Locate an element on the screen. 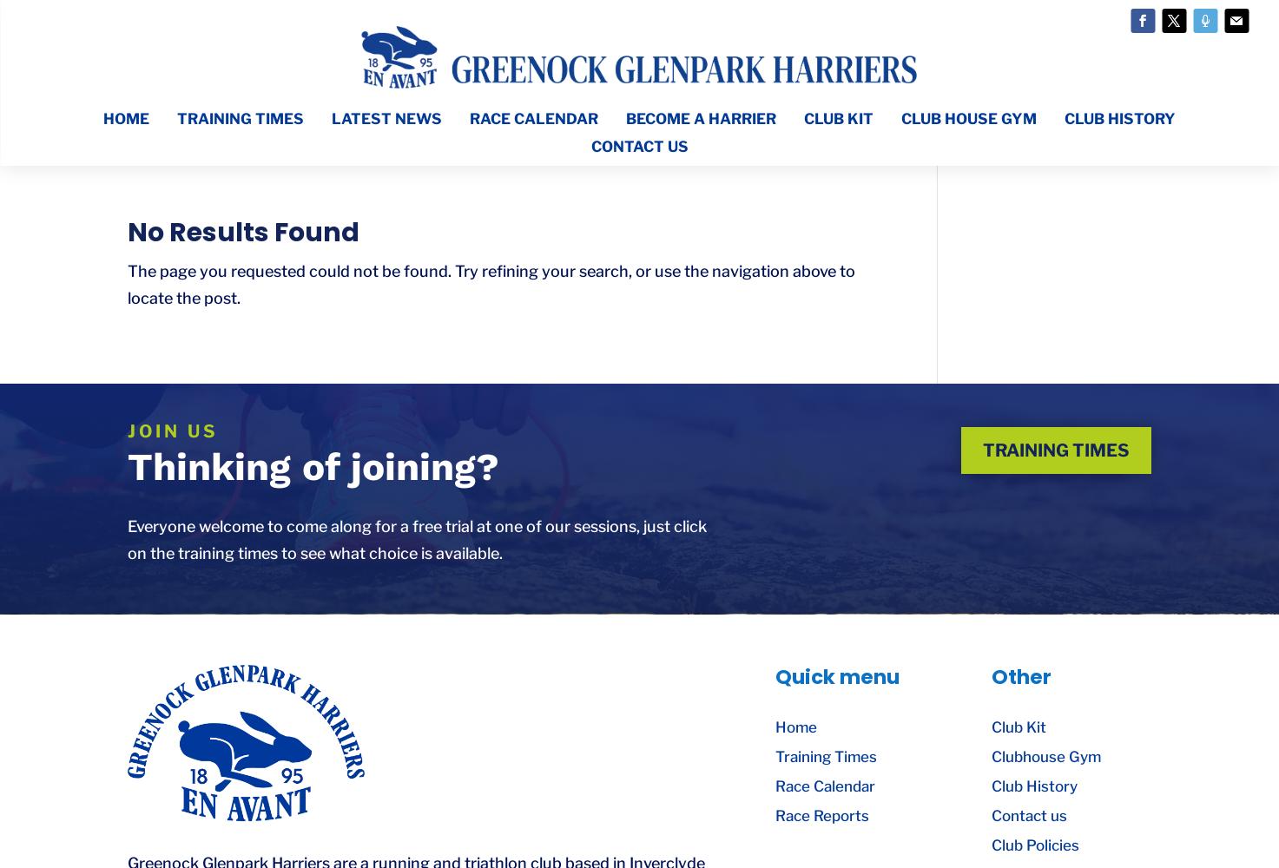 This screenshot has width=1279, height=868. 'join us' is located at coordinates (173, 430).